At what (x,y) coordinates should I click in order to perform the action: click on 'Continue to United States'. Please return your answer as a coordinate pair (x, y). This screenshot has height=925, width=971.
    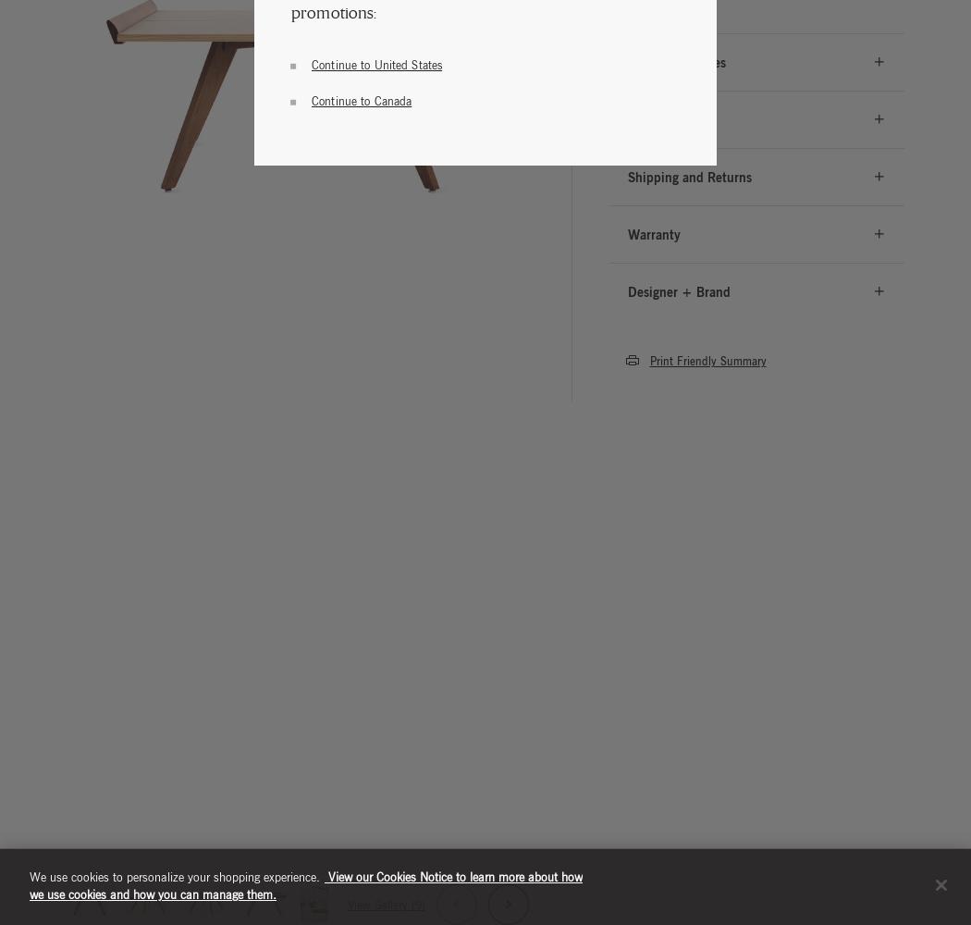
    Looking at the image, I should click on (376, 62).